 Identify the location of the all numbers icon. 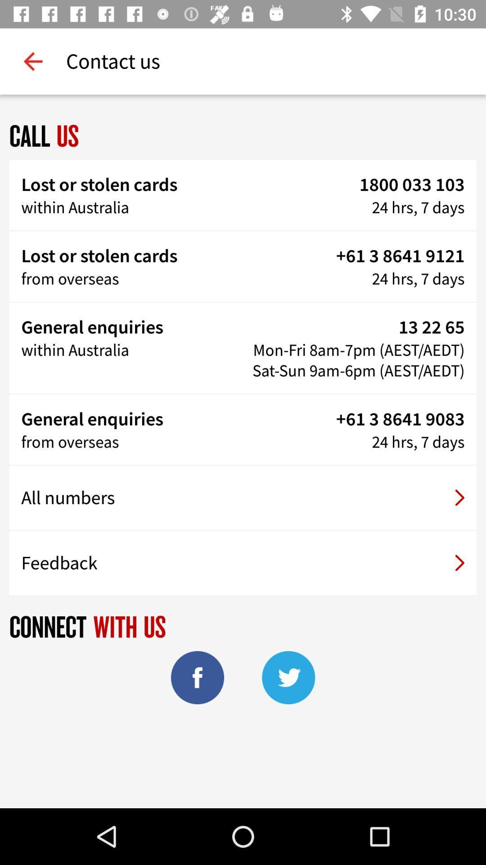
(243, 497).